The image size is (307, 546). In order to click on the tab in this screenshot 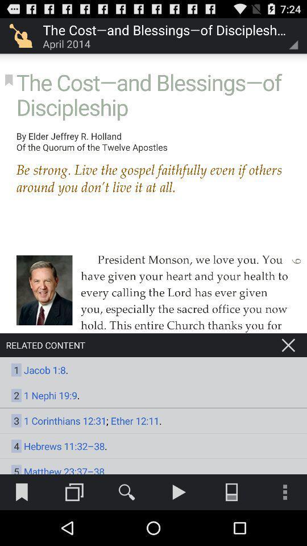, I will do `click(288, 345)`.